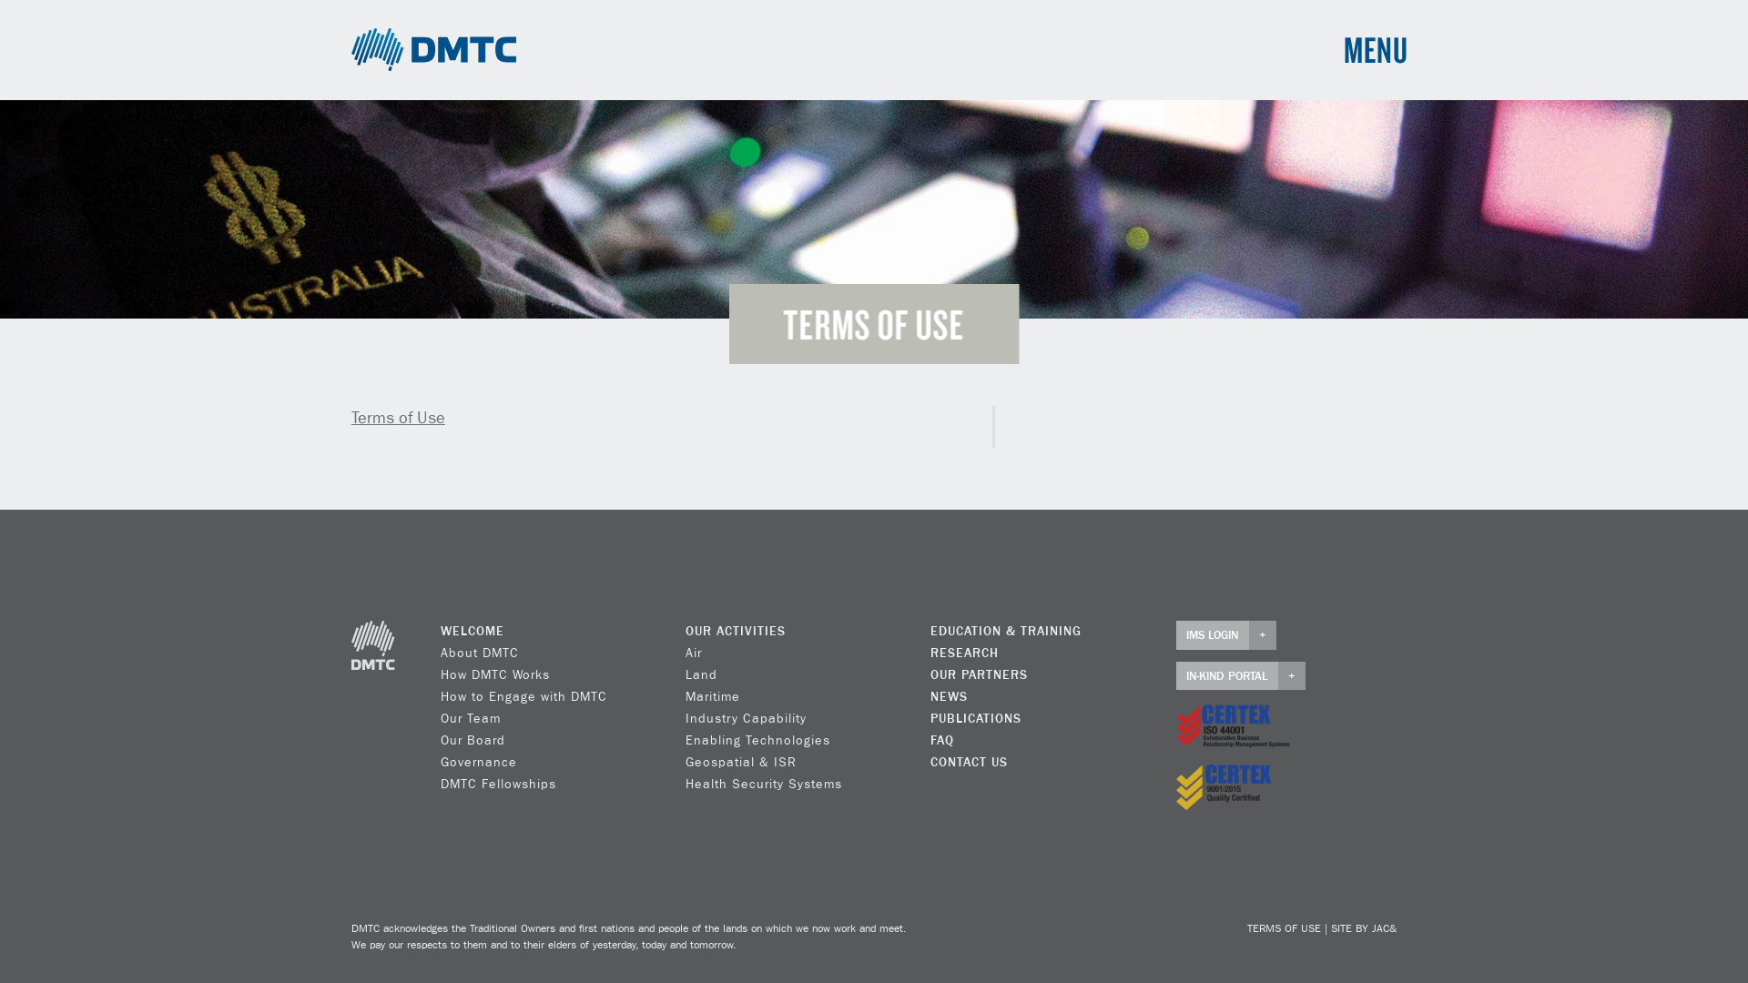 This screenshot has height=983, width=1748. What do you see at coordinates (1331, 929) in the screenshot?
I see `'SITE BY JAC&'` at bounding box center [1331, 929].